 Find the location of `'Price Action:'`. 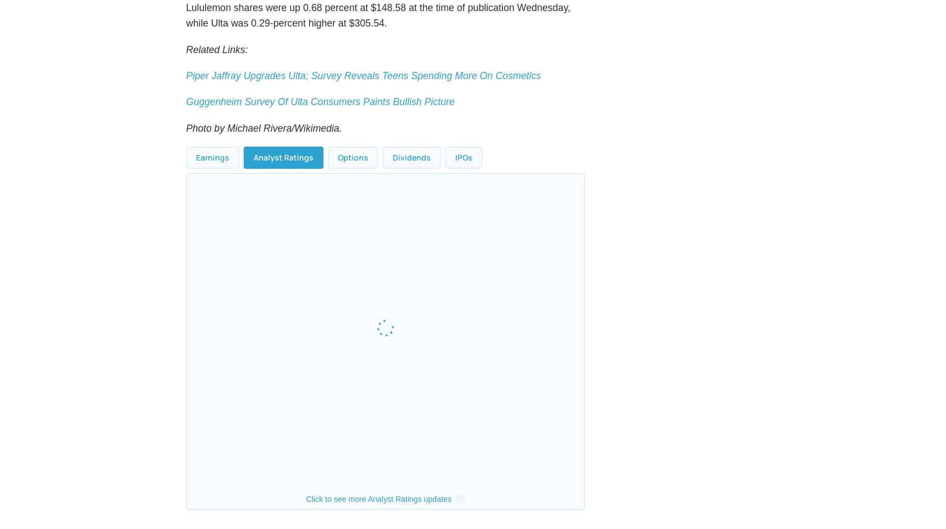

'Price Action:' is located at coordinates (224, 12).